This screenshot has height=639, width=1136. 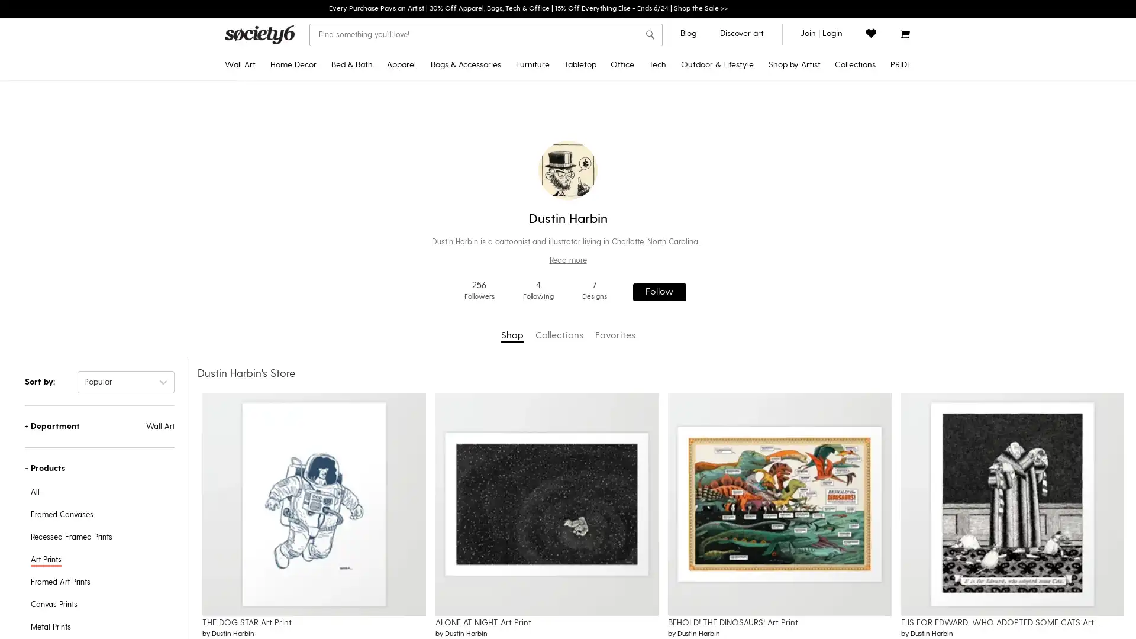 What do you see at coordinates (315, 151) in the screenshot?
I see `Floor Pillows` at bounding box center [315, 151].